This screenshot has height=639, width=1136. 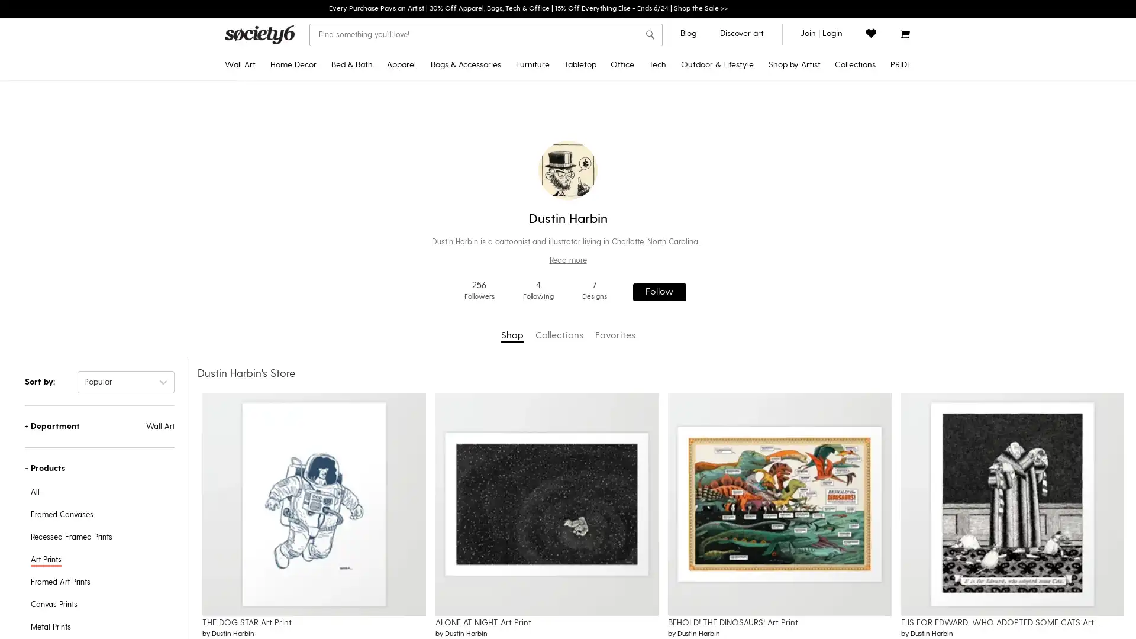 What do you see at coordinates (315, 151) in the screenshot?
I see `Floor Pillows` at bounding box center [315, 151].